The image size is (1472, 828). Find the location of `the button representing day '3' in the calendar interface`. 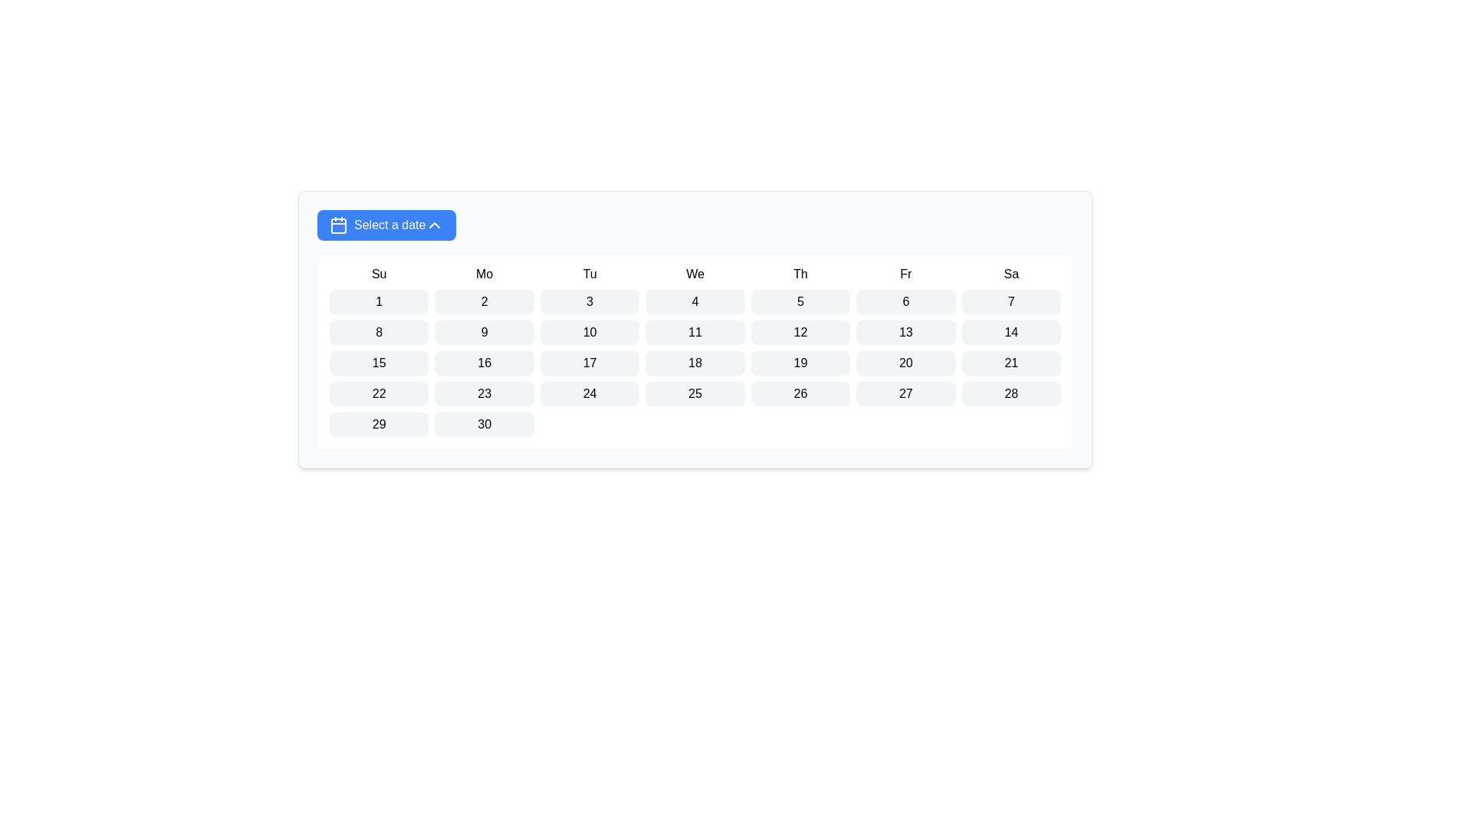

the button representing day '3' in the calendar interface is located at coordinates (589, 301).